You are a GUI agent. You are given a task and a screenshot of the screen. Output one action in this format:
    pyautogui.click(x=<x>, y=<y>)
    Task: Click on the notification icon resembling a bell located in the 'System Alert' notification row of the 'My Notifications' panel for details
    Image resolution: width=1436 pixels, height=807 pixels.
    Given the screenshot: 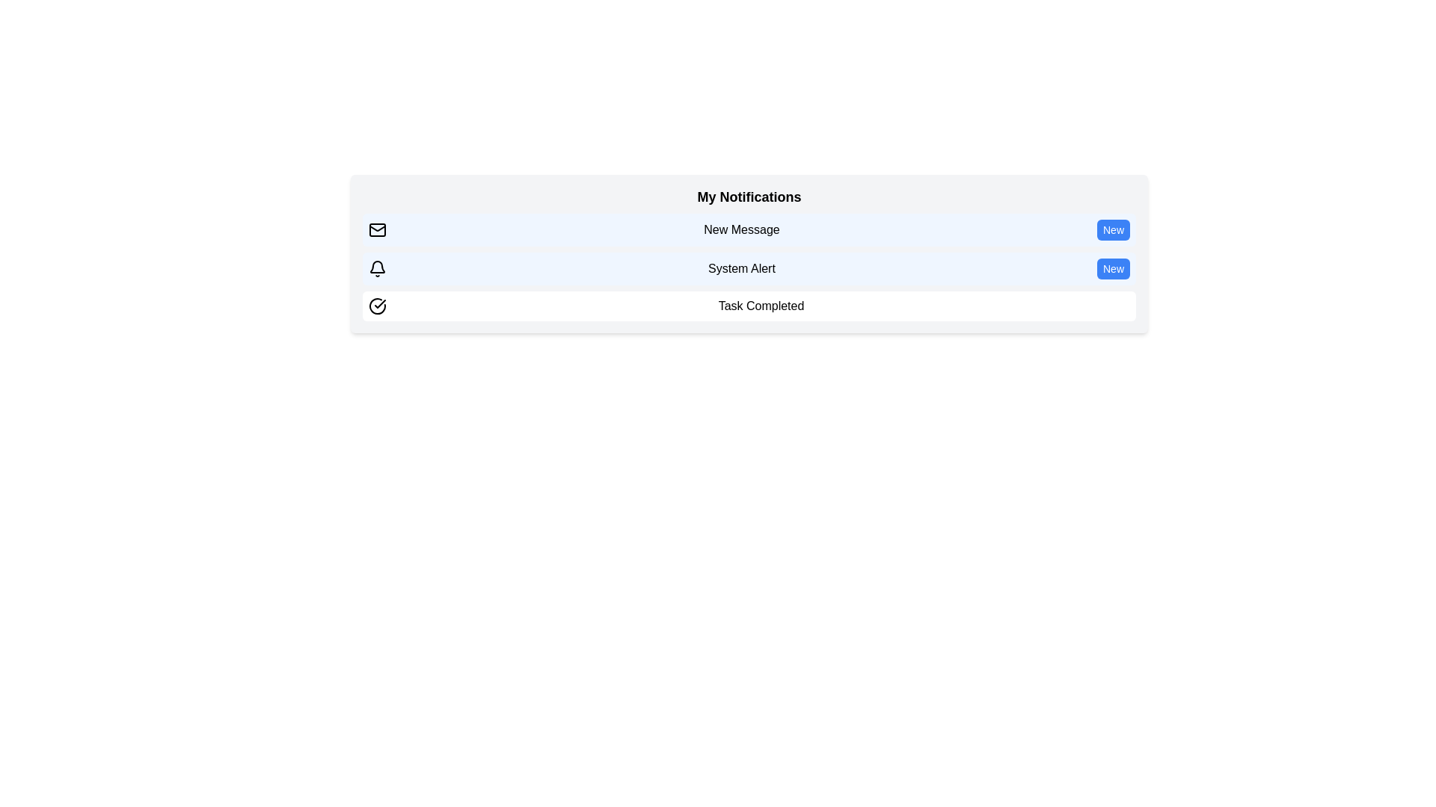 What is the action you would take?
    pyautogui.click(x=377, y=268)
    